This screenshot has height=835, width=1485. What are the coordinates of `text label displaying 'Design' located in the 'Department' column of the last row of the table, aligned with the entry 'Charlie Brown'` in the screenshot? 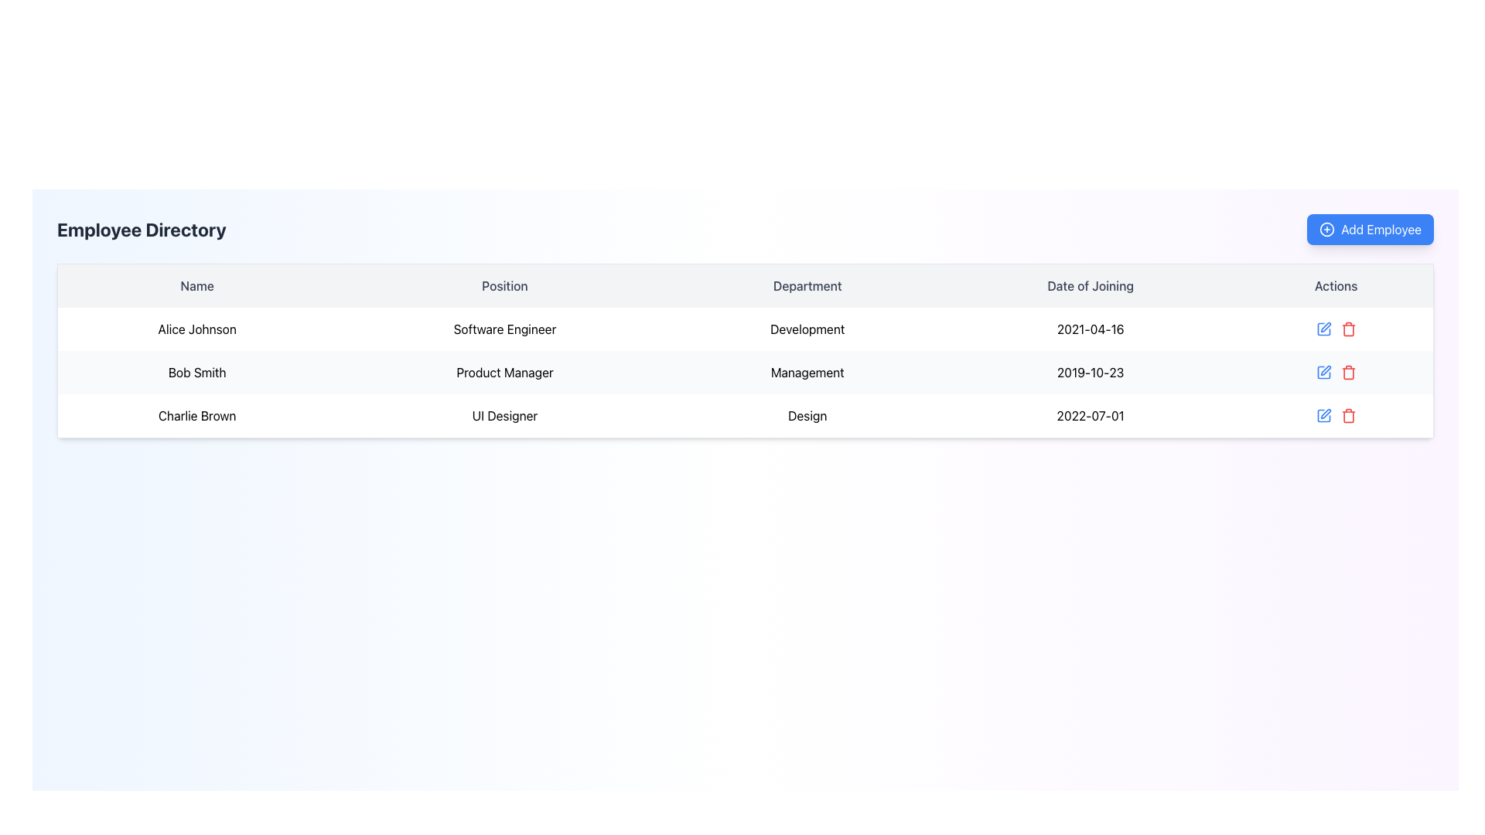 It's located at (807, 415).